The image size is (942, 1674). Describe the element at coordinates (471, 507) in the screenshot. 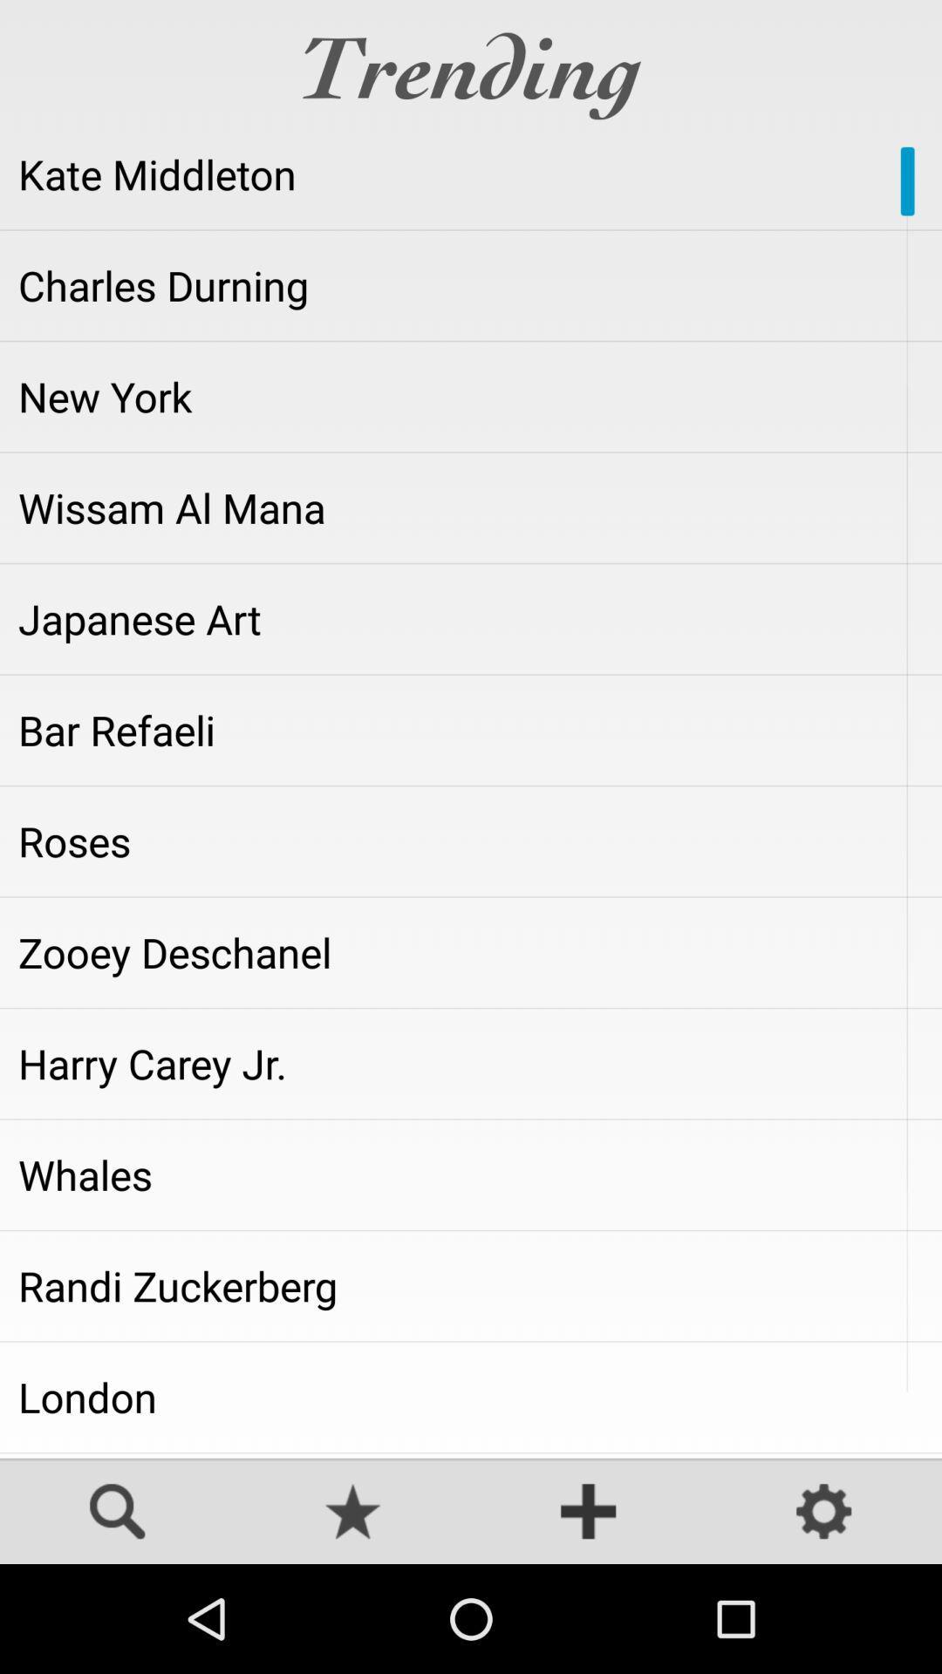

I see `the wissam al mana app` at that location.